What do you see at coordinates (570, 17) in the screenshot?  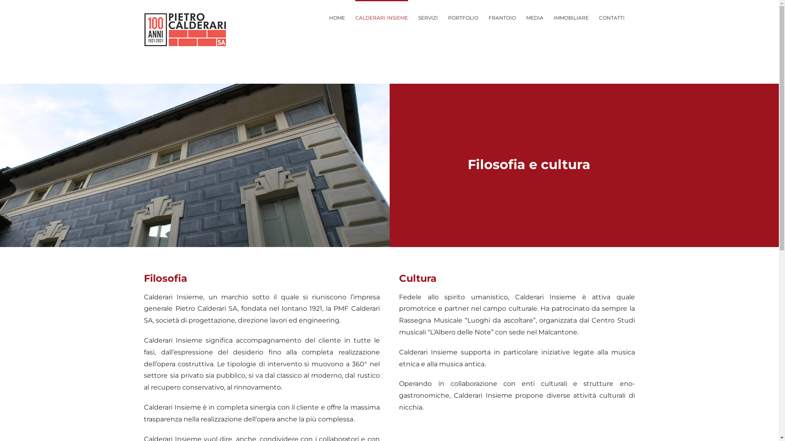 I see `'IMMOBILIARE'` at bounding box center [570, 17].